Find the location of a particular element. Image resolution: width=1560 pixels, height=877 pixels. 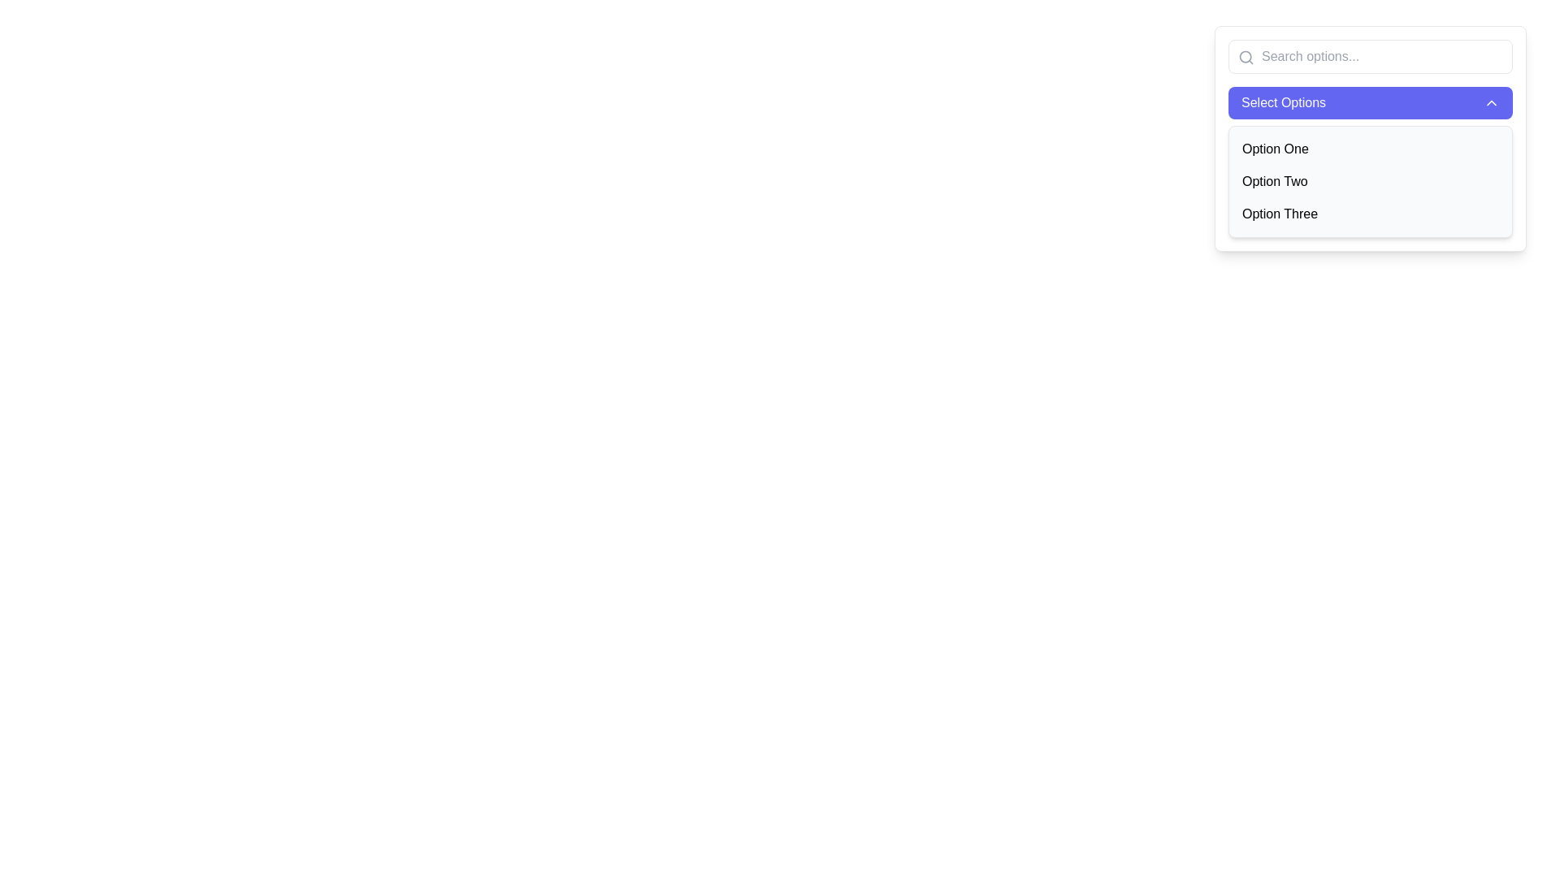

the search icon located at the top-left corner of the search input field, which indicates the purpose of the adjacent input field as a search bar is located at coordinates (1246, 56).